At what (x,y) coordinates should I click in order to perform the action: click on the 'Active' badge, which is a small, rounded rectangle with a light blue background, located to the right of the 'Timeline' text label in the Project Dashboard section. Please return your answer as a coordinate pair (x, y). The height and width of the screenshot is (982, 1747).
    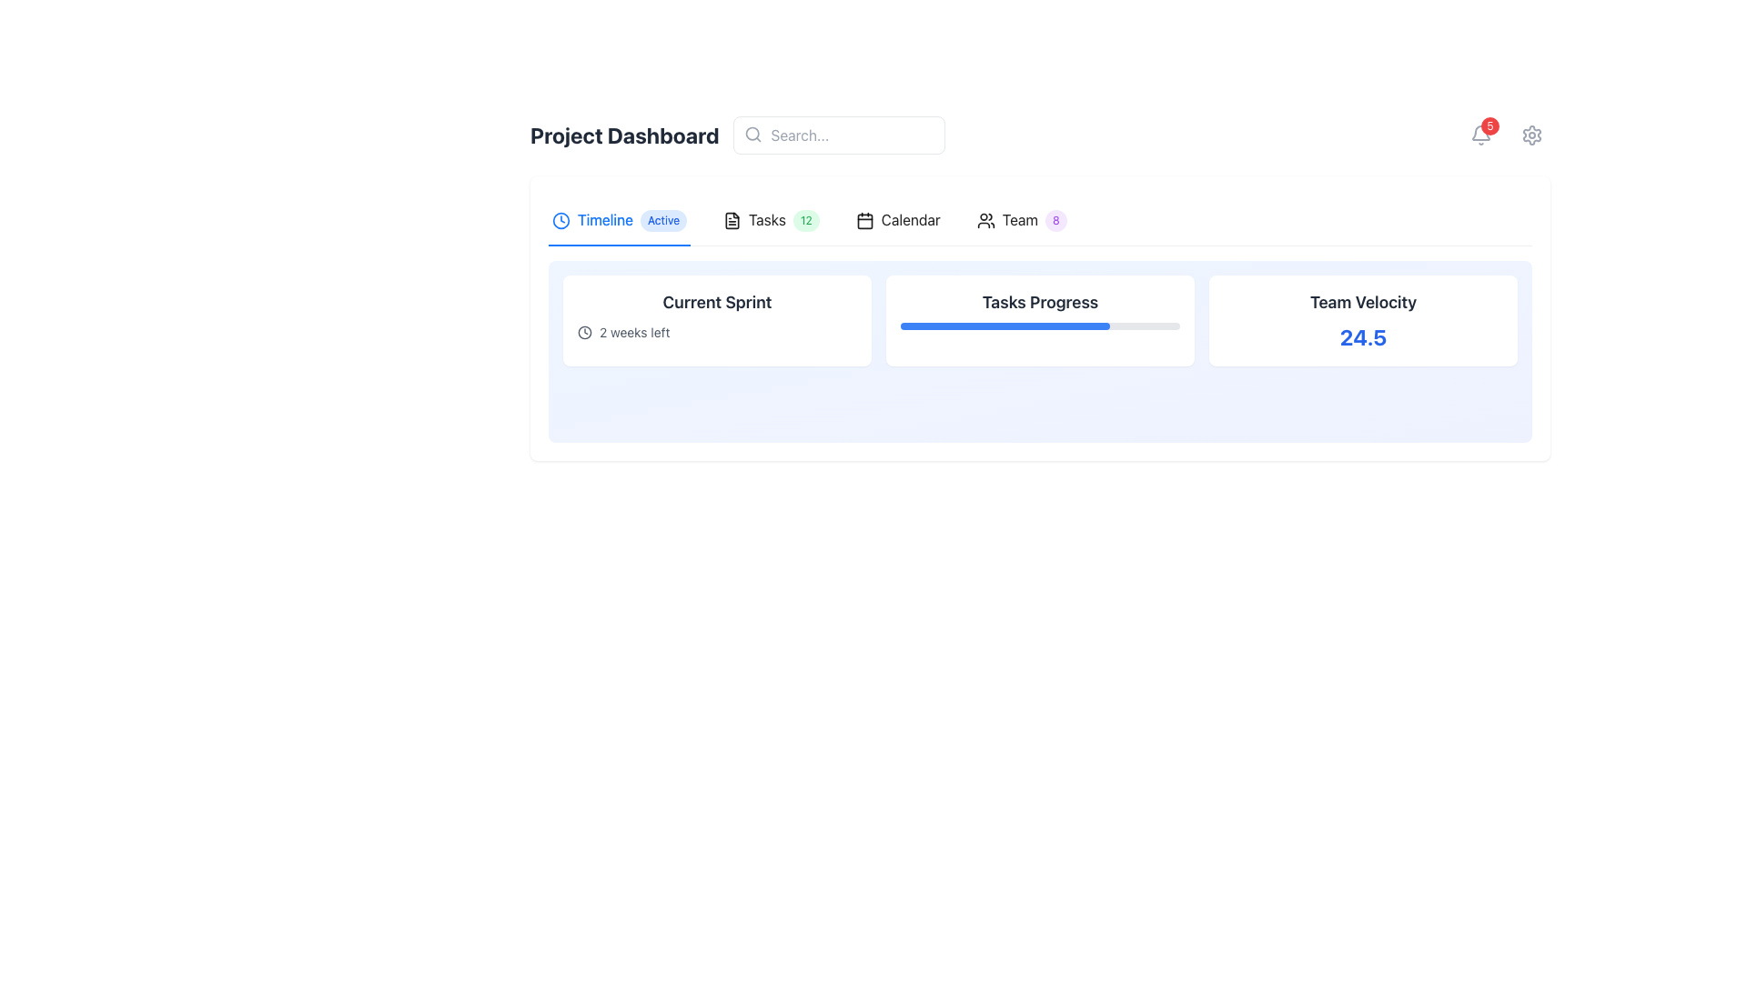
    Looking at the image, I should click on (662, 219).